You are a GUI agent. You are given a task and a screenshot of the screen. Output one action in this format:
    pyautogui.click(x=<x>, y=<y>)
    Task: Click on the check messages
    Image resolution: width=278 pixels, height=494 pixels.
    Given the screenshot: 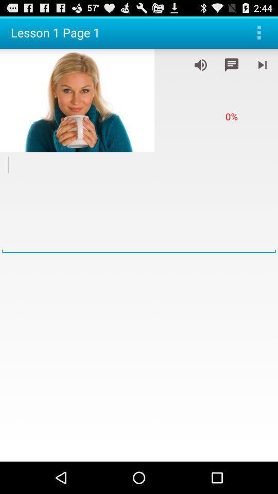 What is the action you would take?
    pyautogui.click(x=231, y=64)
    